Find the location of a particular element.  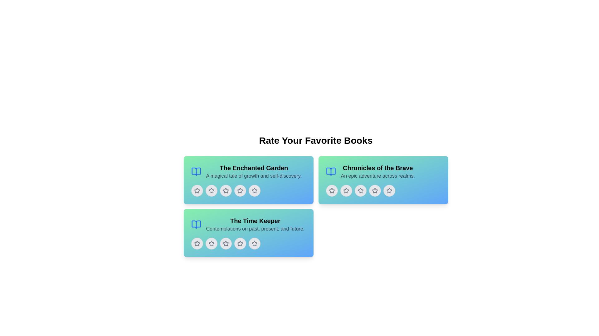

the first star rating button under the book titled 'The Enchanted Garden', which is a circular button with a star icon in its center, to rate one star is located at coordinates (197, 190).